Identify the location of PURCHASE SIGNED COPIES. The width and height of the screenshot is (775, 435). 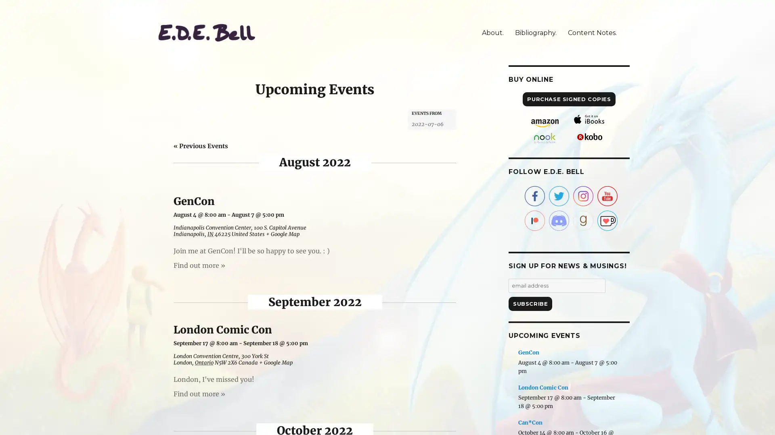
(568, 99).